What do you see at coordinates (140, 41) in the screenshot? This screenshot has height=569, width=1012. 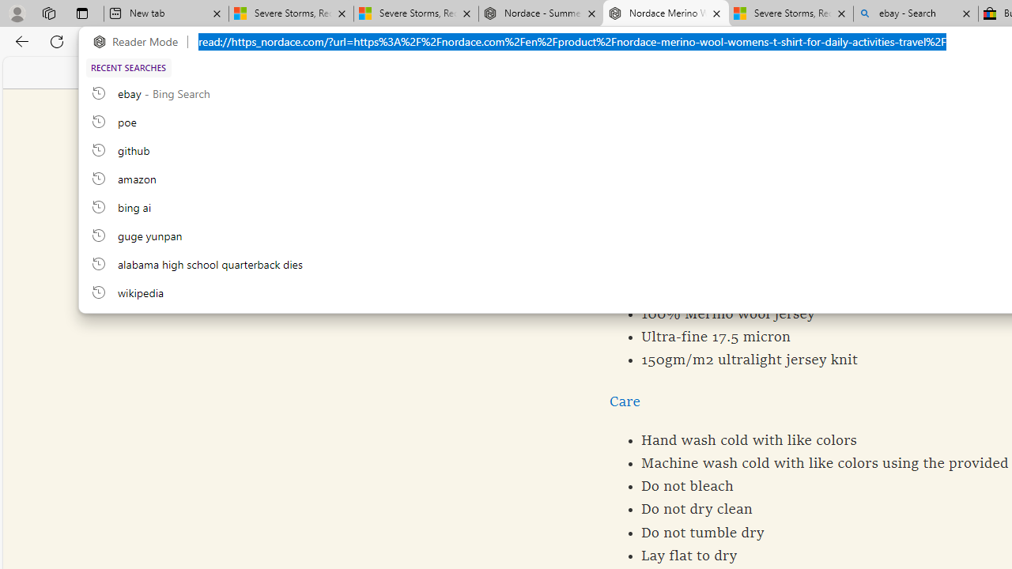 I see `'Reader Mode'` at bounding box center [140, 41].